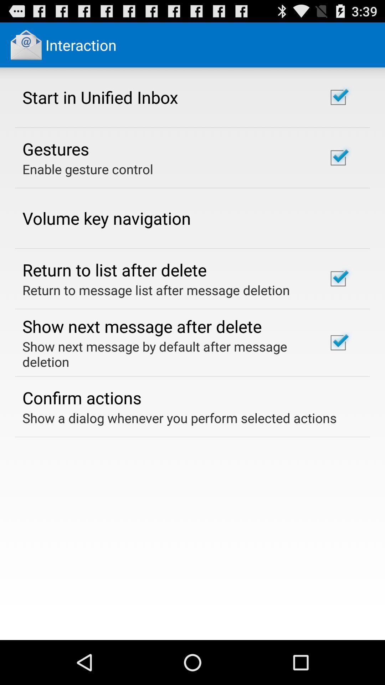 The width and height of the screenshot is (385, 685). Describe the element at coordinates (338, 97) in the screenshot. I see `the first check box` at that location.